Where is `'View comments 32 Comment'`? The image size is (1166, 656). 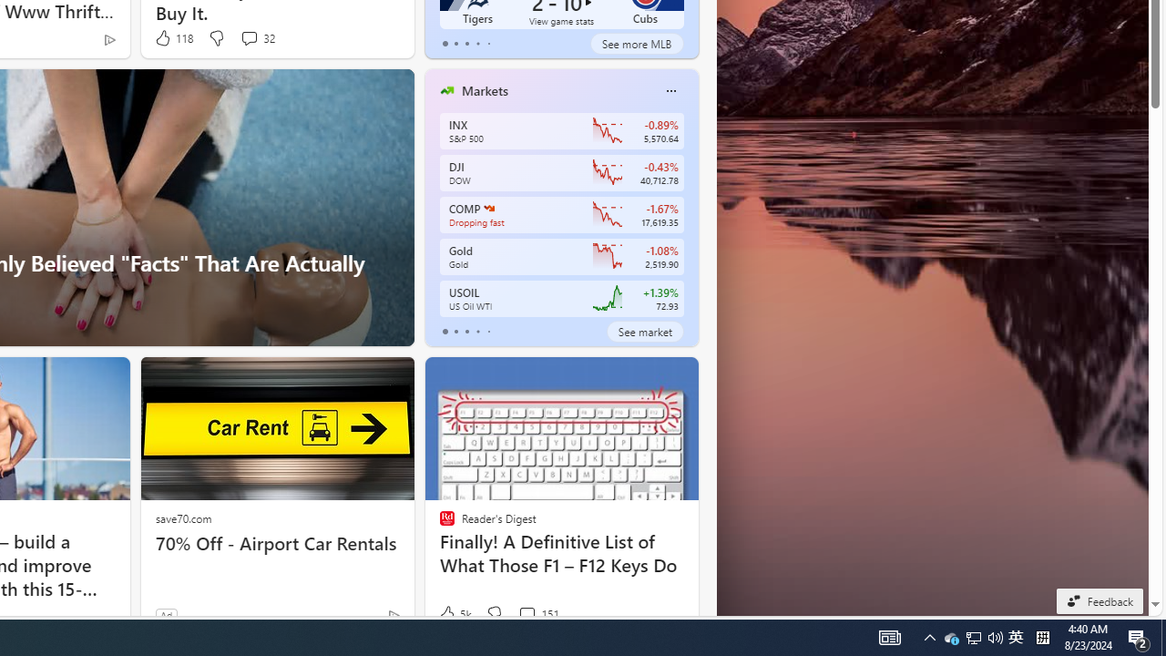
'View comments 32 Comment' is located at coordinates (248, 37).